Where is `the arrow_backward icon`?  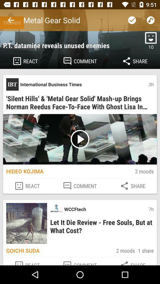 the arrow_backward icon is located at coordinates (11, 20).